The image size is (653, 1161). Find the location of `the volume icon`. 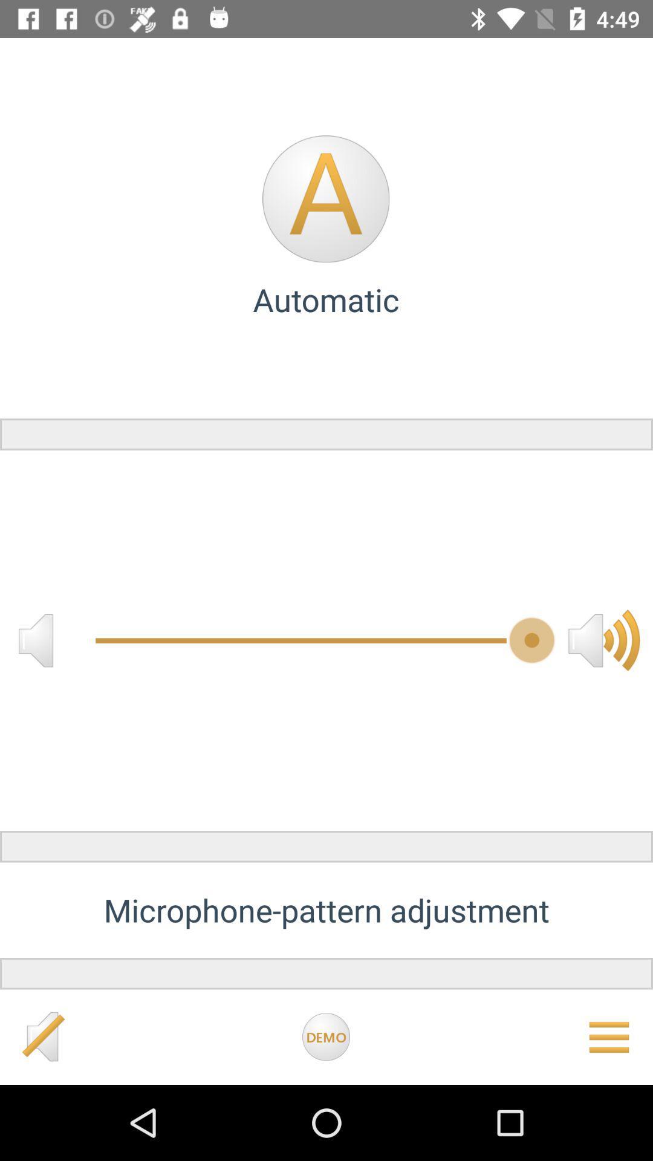

the volume icon is located at coordinates (43, 1036).